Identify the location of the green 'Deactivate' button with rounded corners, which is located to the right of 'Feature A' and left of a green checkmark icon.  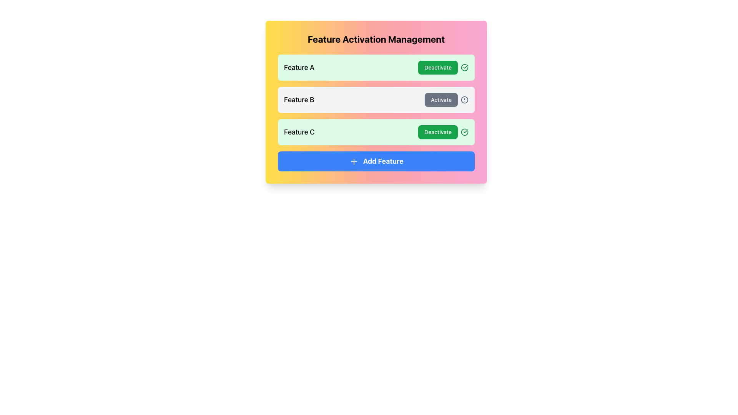
(438, 67).